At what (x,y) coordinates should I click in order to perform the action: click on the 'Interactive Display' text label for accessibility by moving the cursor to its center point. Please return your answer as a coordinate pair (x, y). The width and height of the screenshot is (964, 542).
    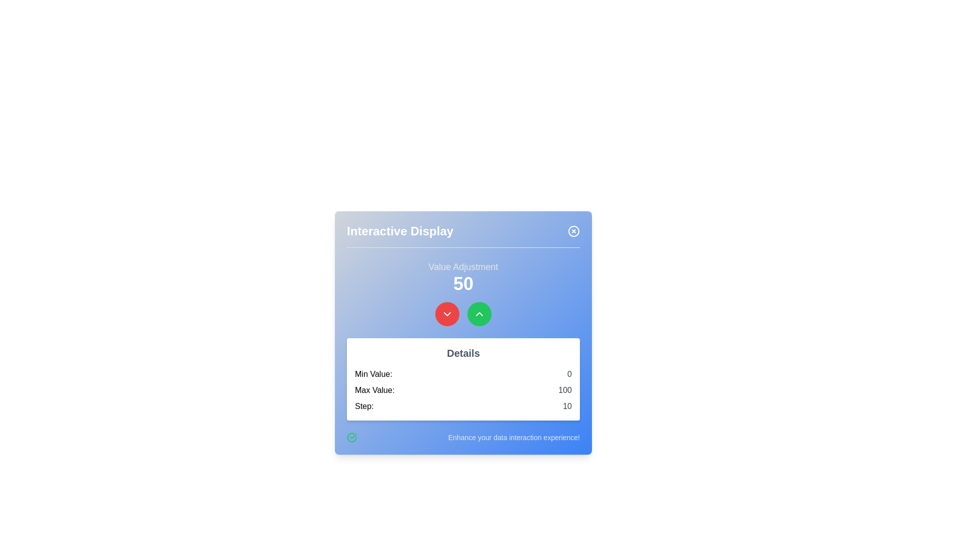
    Looking at the image, I should click on (399, 231).